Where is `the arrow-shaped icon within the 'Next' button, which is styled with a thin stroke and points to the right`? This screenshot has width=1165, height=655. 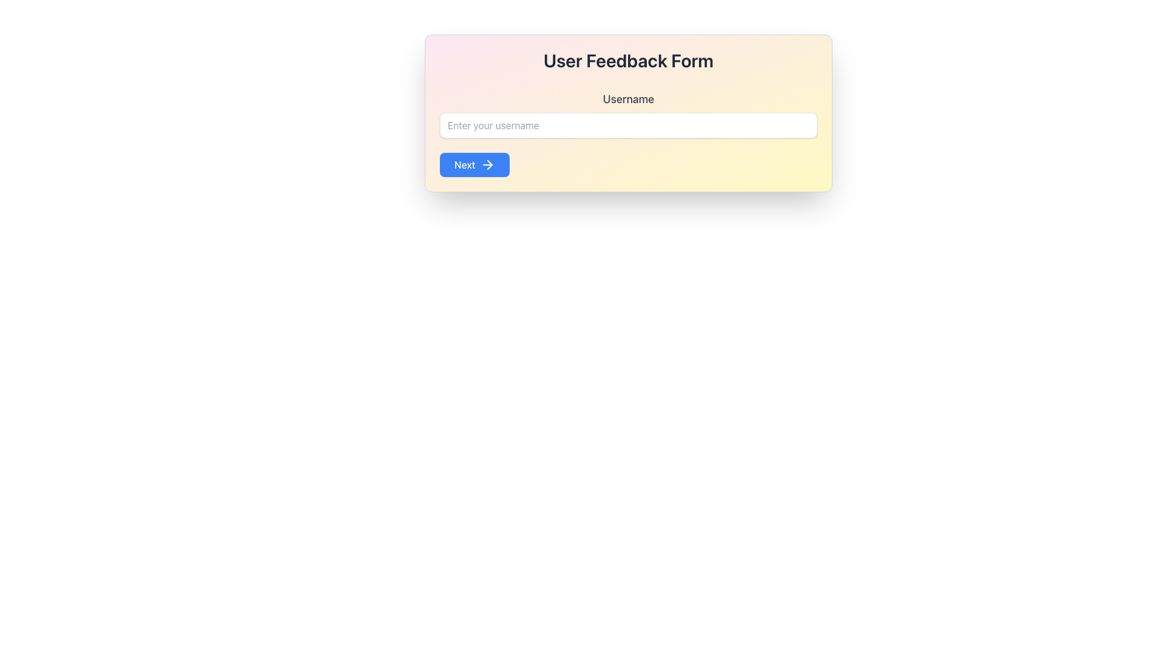
the arrow-shaped icon within the 'Next' button, which is styled with a thin stroke and points to the right is located at coordinates (489, 165).